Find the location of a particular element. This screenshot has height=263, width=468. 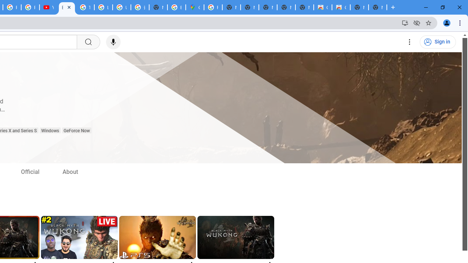

'Search with your voice' is located at coordinates (113, 42).